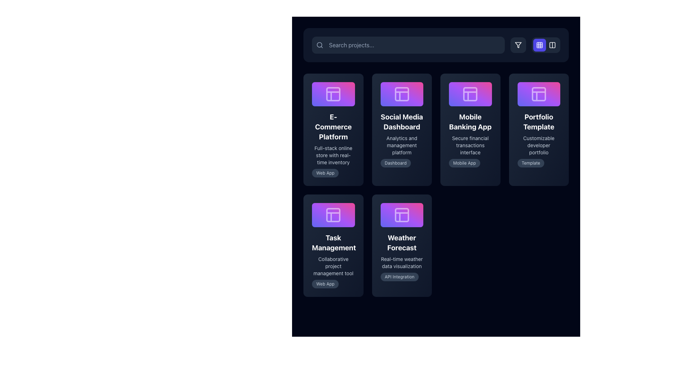 Image resolution: width=683 pixels, height=384 pixels. What do you see at coordinates (552, 45) in the screenshot?
I see `the third button in the top-right section of the interface that toggles between different view modes or layouts` at bounding box center [552, 45].